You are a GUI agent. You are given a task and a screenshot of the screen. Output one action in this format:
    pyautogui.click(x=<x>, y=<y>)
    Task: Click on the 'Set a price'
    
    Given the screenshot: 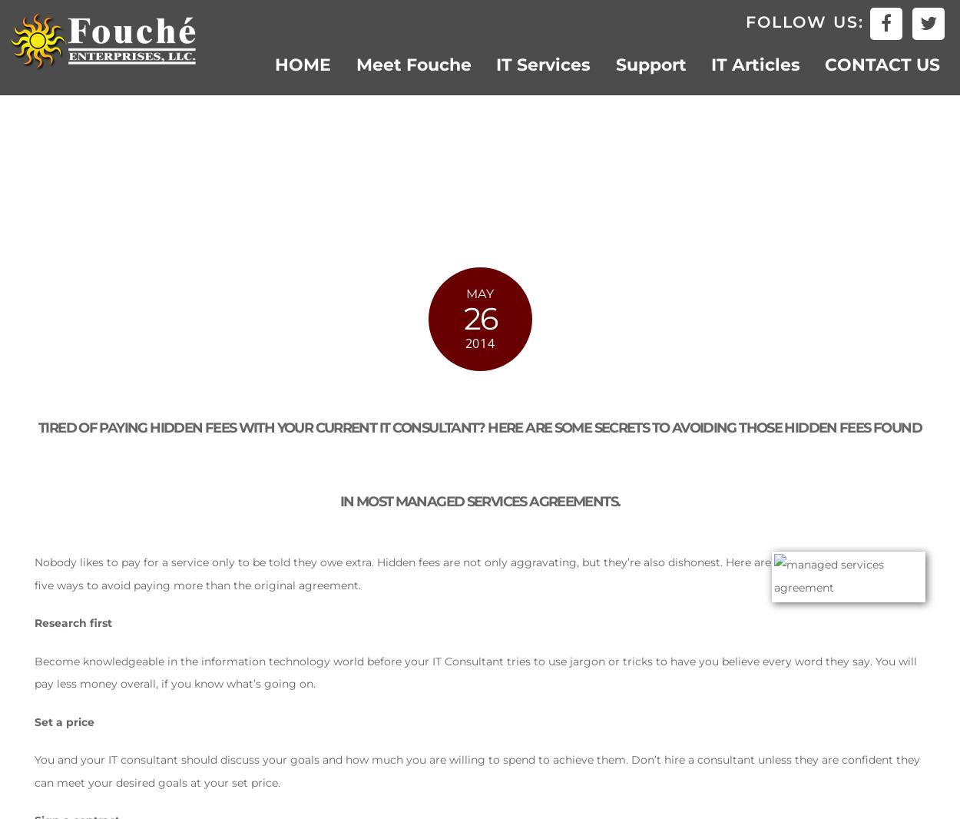 What is the action you would take?
    pyautogui.click(x=64, y=721)
    